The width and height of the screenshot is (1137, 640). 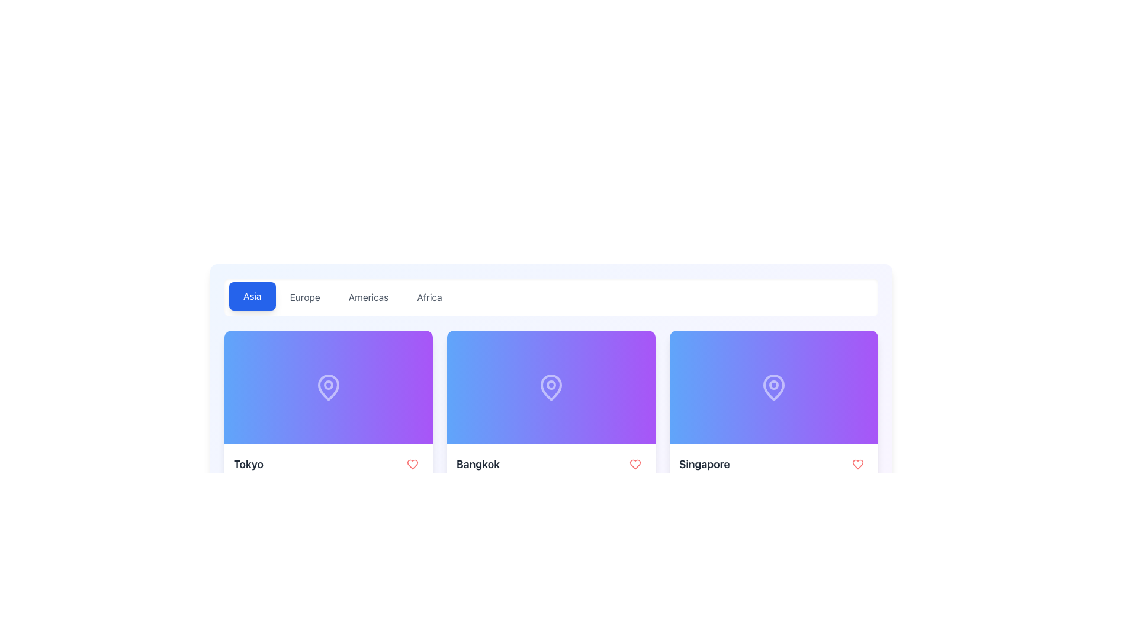 What do you see at coordinates (635, 463) in the screenshot?
I see `the heart icon in the lower-right corner of the card for 'Singapore'` at bounding box center [635, 463].